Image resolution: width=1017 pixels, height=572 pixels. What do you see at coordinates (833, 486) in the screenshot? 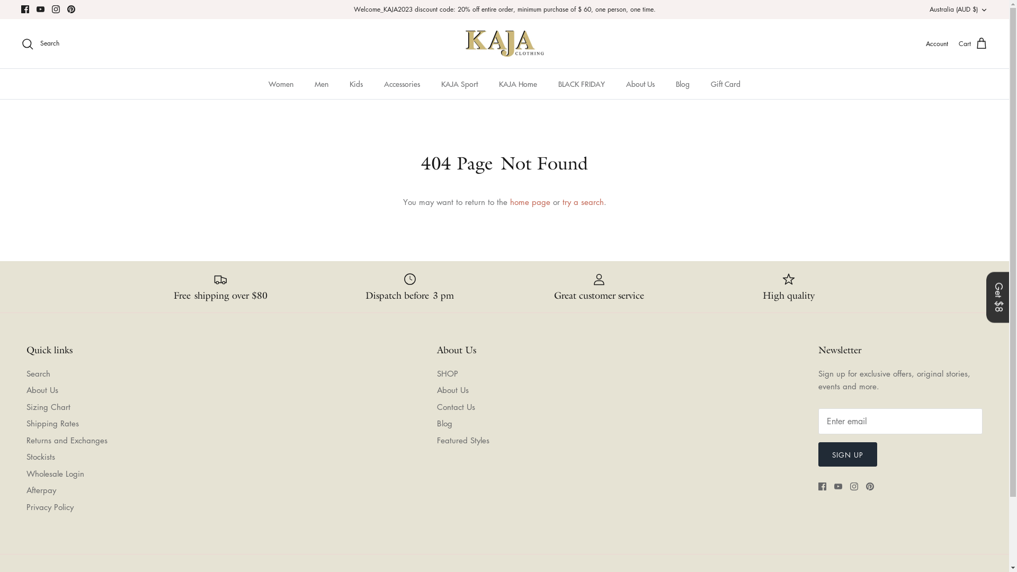
I see `'Youtube'` at bounding box center [833, 486].